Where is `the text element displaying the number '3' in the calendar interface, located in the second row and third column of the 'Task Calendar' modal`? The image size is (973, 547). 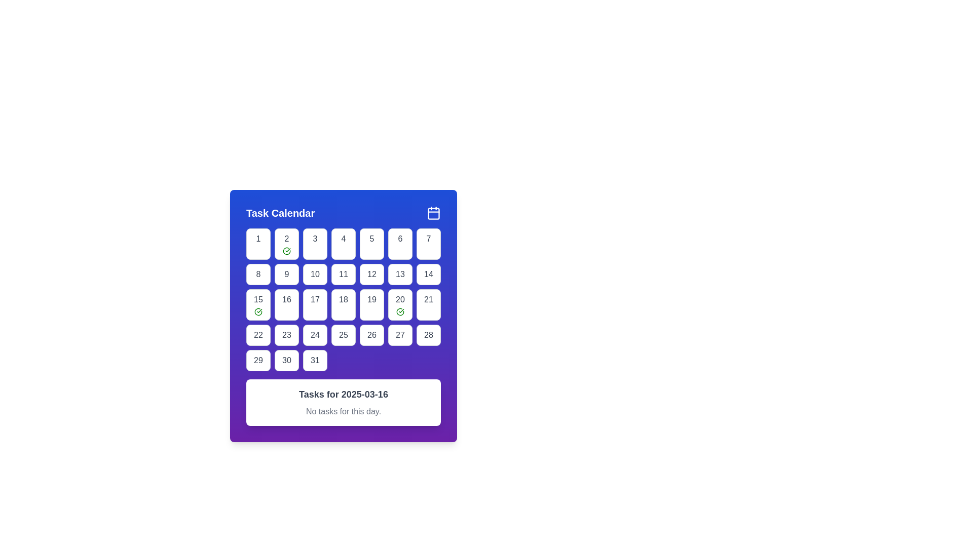 the text element displaying the number '3' in the calendar interface, located in the second row and third column of the 'Task Calendar' modal is located at coordinates (315, 239).